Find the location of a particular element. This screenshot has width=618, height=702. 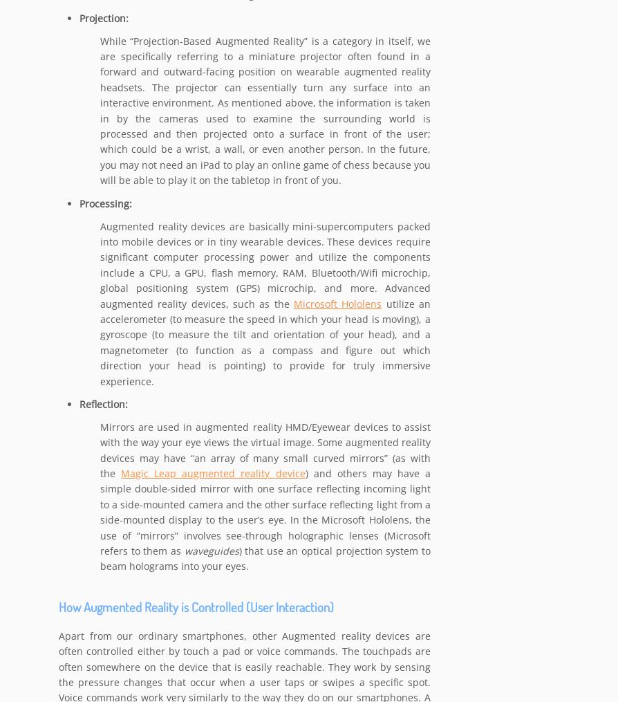

'Projection:' is located at coordinates (79, 18).